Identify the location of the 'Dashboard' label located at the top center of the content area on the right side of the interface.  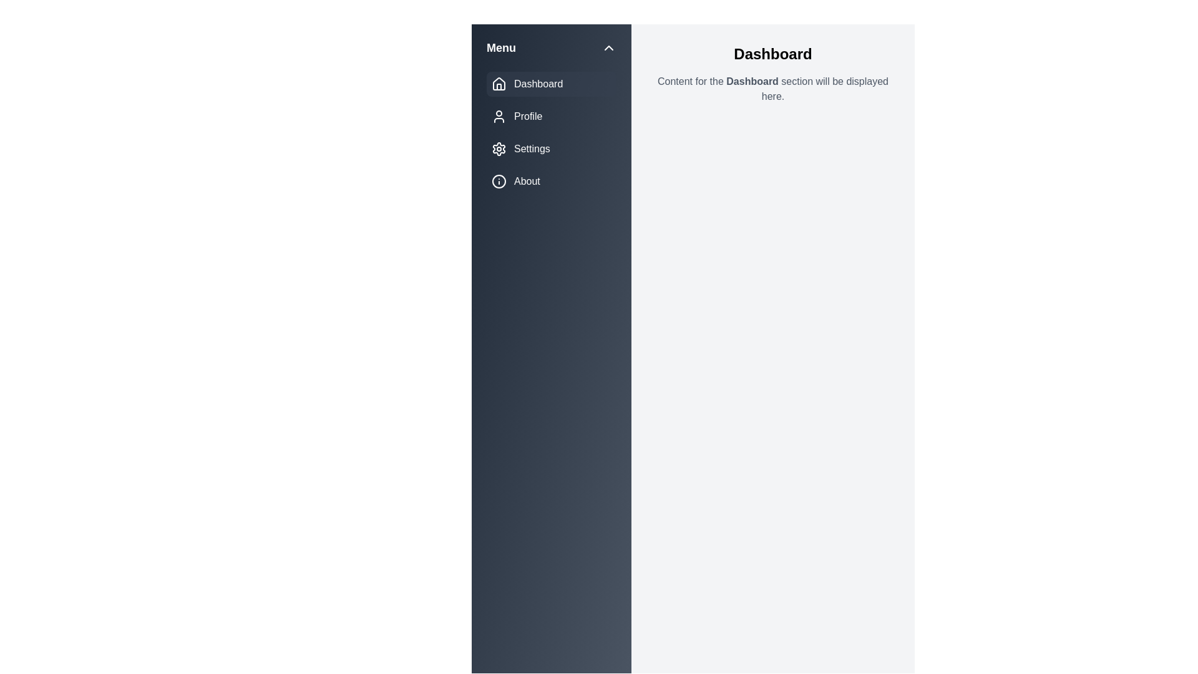
(752, 81).